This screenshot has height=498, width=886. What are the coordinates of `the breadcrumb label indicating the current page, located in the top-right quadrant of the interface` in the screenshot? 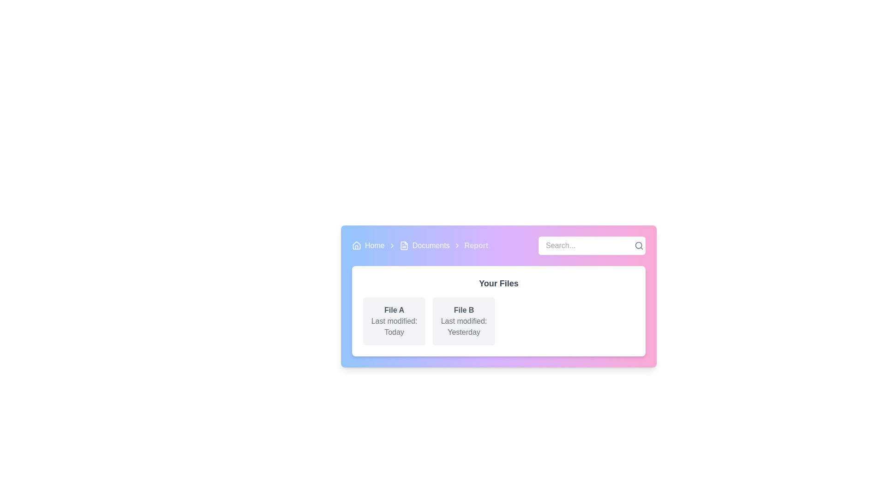 It's located at (476, 245).